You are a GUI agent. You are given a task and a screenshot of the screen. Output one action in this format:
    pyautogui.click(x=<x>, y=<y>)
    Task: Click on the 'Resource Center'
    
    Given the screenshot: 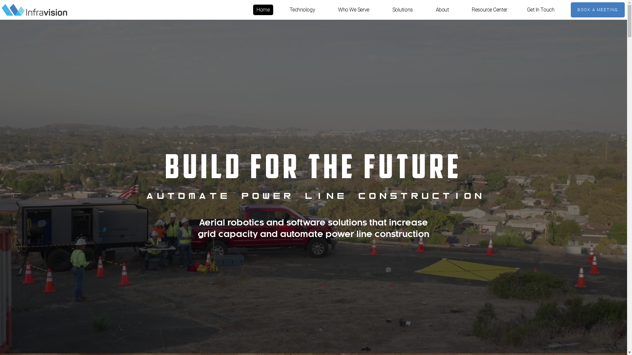 What is the action you would take?
    pyautogui.click(x=489, y=10)
    